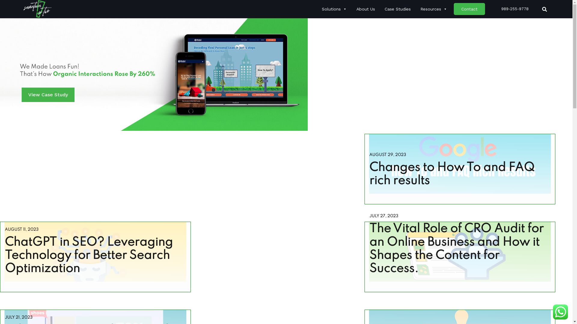 The height and width of the screenshot is (324, 577). I want to click on 'AUGUST 29, 2023', so click(369, 154).